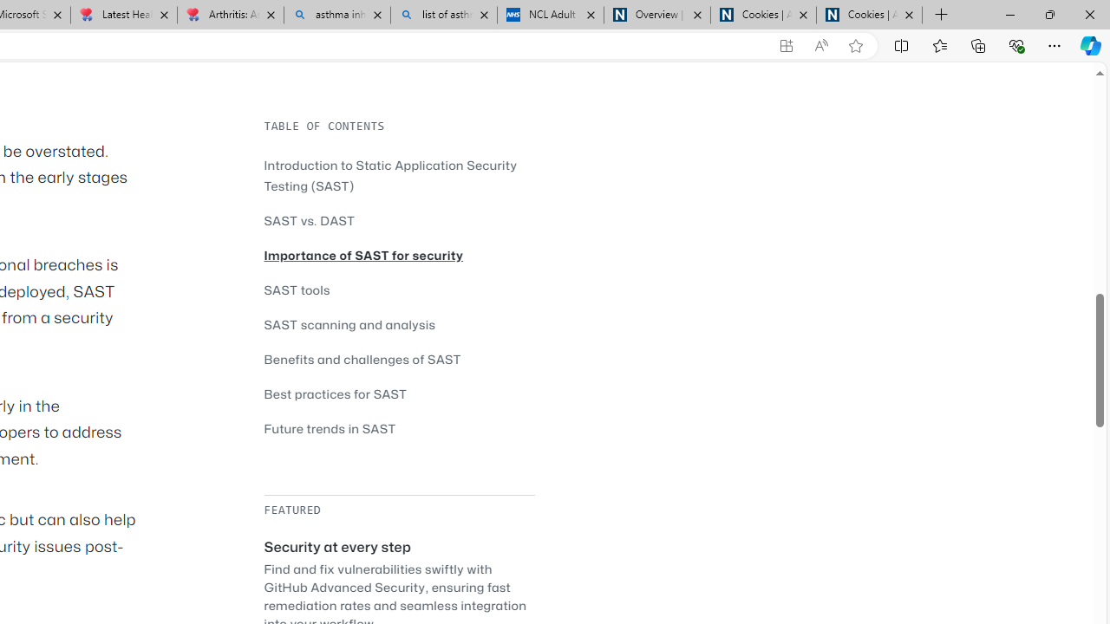 Image resolution: width=1110 pixels, height=624 pixels. I want to click on 'SAST scanning and analysis', so click(398, 324).